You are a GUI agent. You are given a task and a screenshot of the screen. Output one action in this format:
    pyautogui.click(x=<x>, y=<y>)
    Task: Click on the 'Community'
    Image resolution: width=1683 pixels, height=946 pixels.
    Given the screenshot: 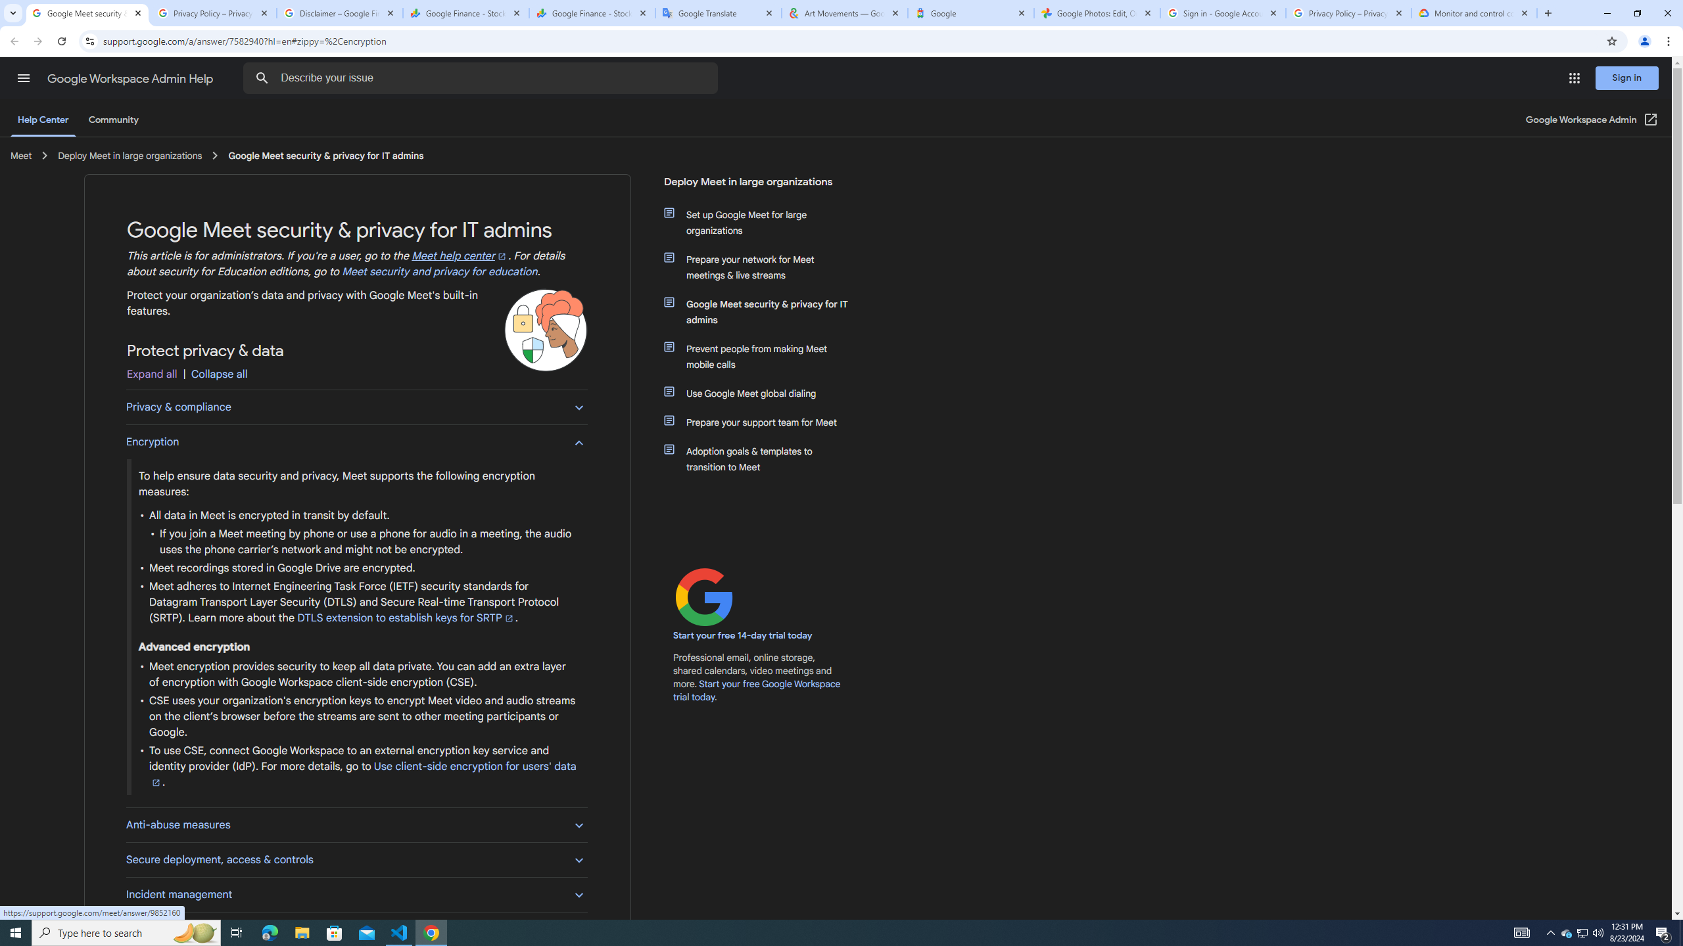 What is the action you would take?
    pyautogui.click(x=112, y=119)
    